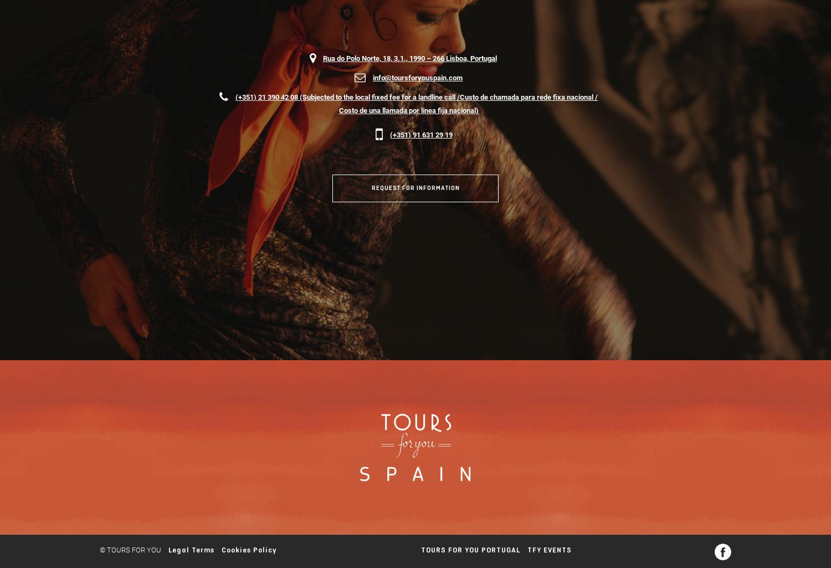 The image size is (831, 568). What do you see at coordinates (371, 187) in the screenshot?
I see `'REQUEST FOR INFORMATION'` at bounding box center [371, 187].